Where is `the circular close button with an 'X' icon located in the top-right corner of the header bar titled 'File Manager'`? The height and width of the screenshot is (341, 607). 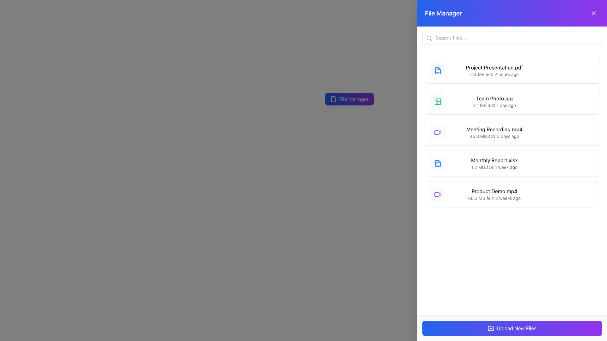 the circular close button with an 'X' icon located in the top-right corner of the header bar titled 'File Manager' is located at coordinates (593, 13).